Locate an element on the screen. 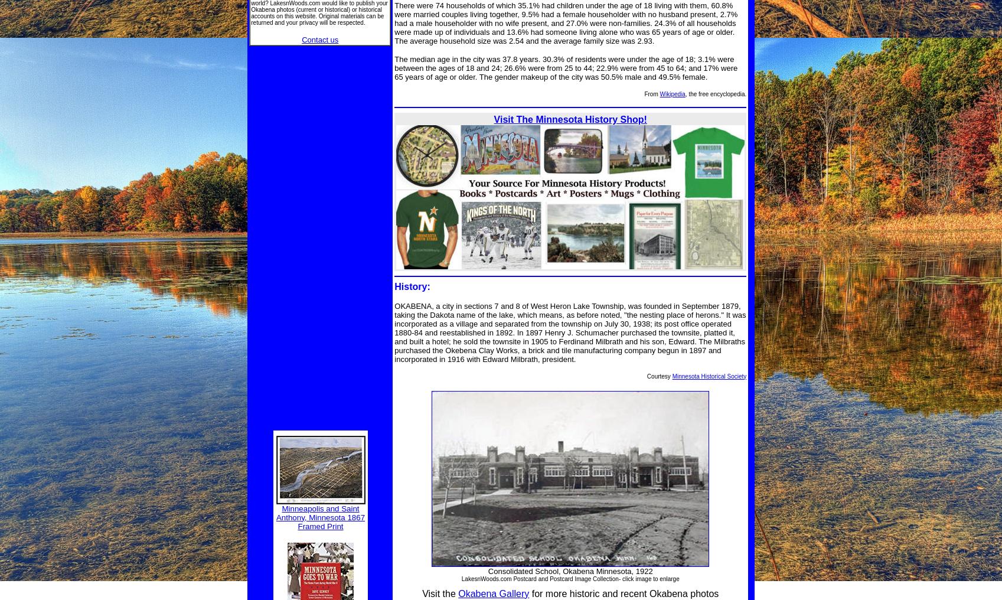  'History' is located at coordinates (410, 286).